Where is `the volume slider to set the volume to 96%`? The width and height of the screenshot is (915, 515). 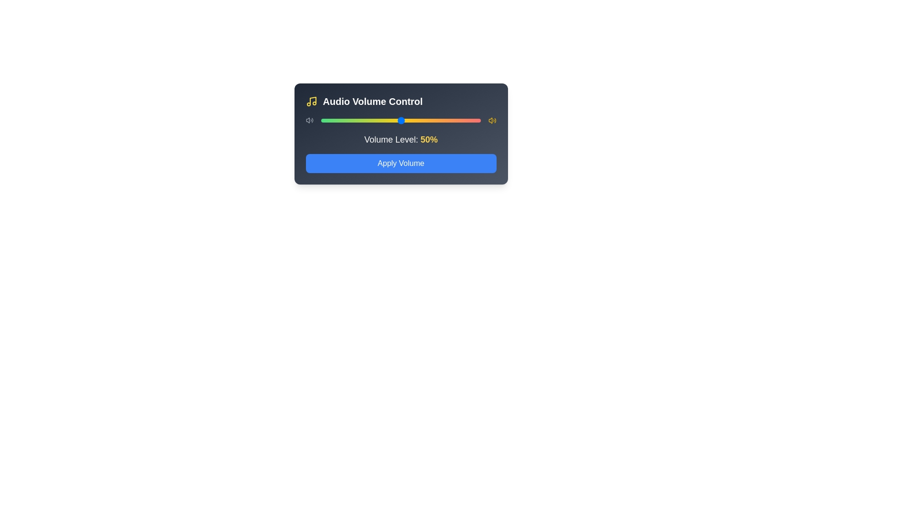 the volume slider to set the volume to 96% is located at coordinates (474, 120).